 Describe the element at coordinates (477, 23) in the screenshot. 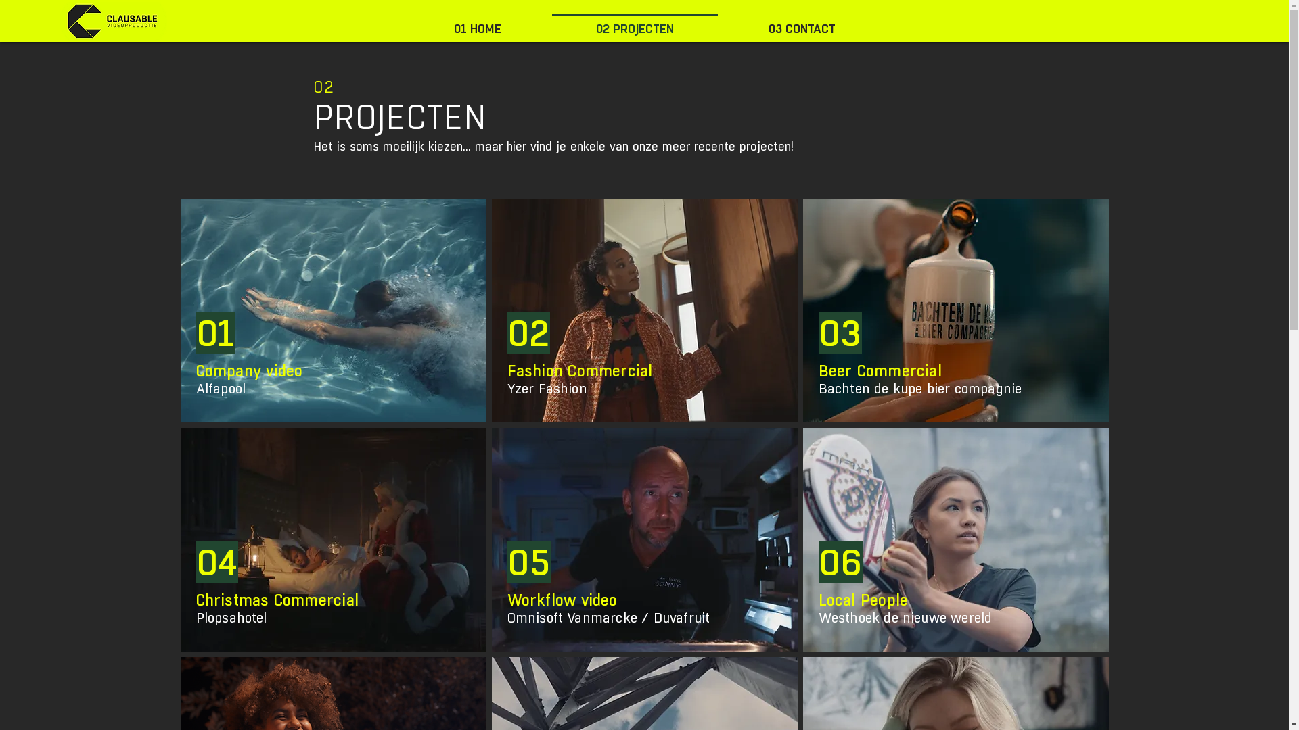

I see `'01 HOME'` at that location.